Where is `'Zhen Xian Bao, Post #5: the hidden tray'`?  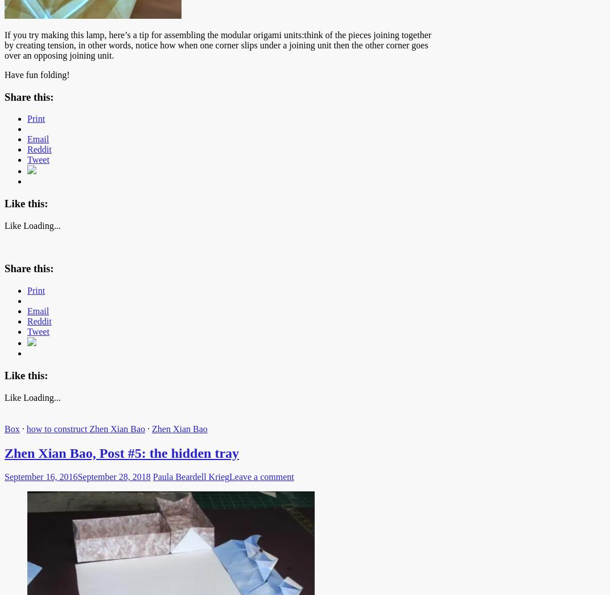
'Zhen Xian Bao, Post #5: the hidden tray' is located at coordinates (121, 453).